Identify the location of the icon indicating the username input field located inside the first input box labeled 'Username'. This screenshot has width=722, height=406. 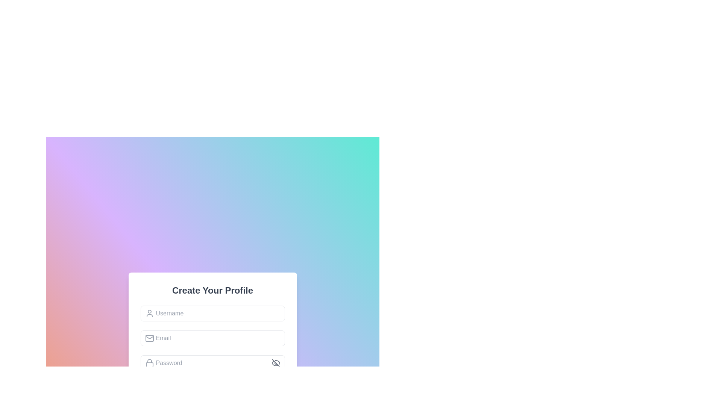
(149, 313).